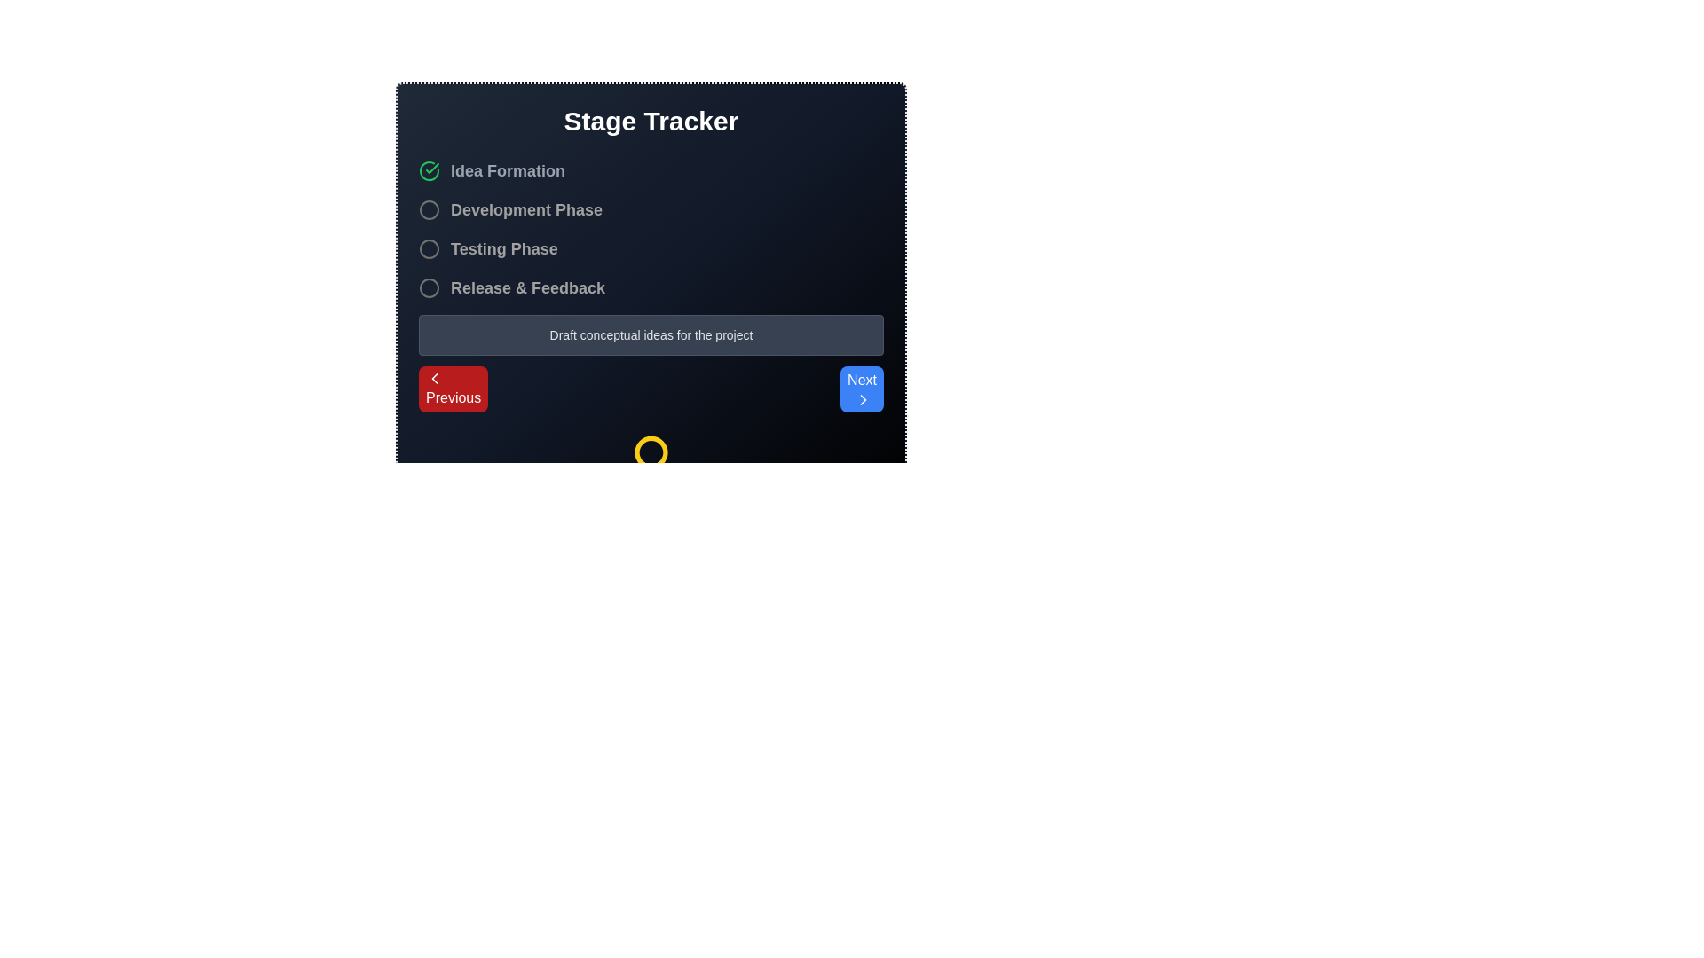  Describe the element at coordinates (432, 168) in the screenshot. I see `the check mark icon within a circle, which indicates a successful action, located next to the 'Idea Formation' label in the 'Stage Tracker' interface` at that location.